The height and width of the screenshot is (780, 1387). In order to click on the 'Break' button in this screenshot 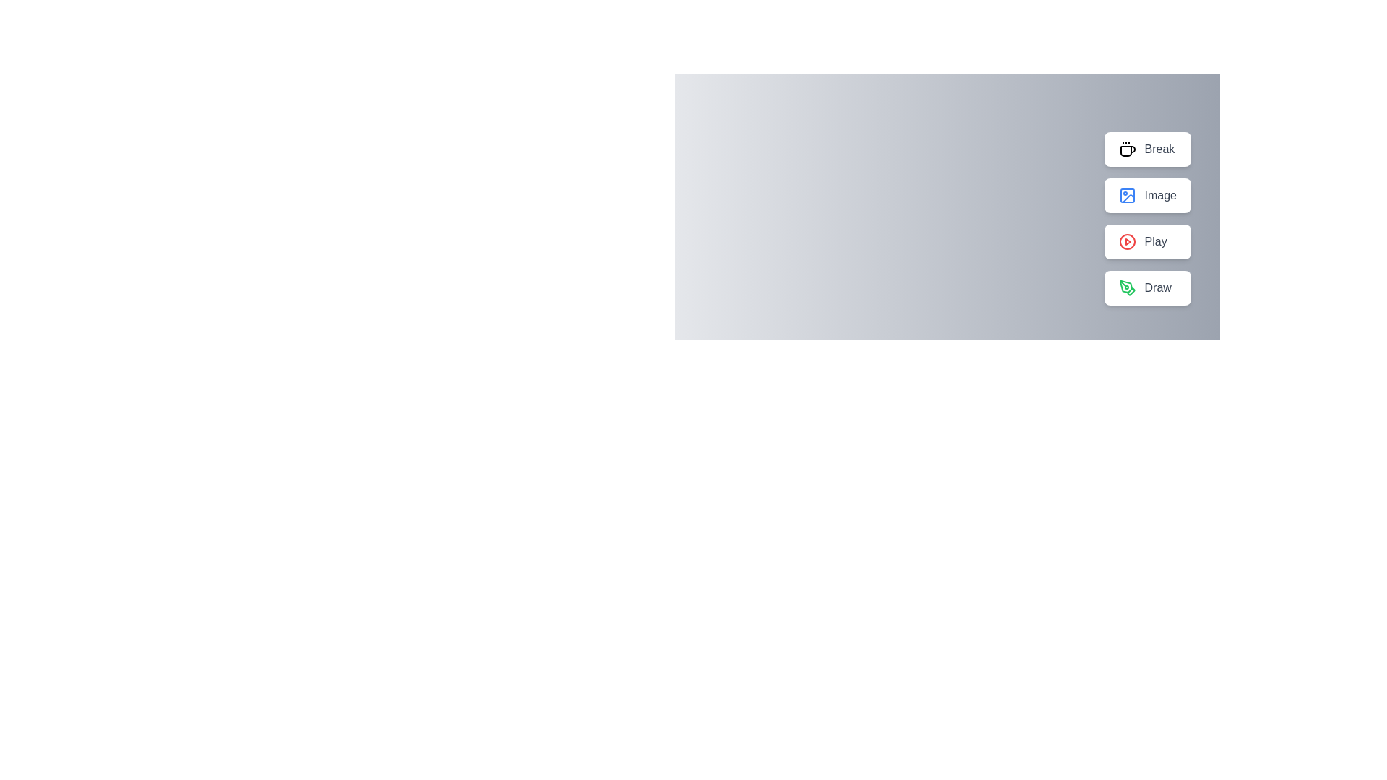, I will do `click(1146, 149)`.